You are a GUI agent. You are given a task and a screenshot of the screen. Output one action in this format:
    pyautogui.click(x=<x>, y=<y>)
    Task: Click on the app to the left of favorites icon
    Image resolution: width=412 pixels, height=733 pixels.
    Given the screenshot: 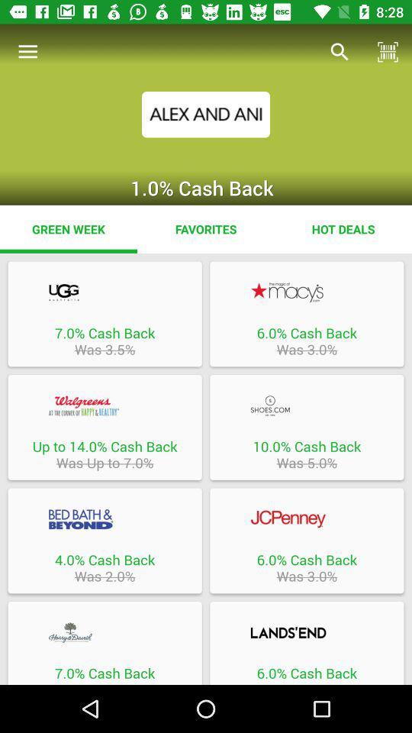 What is the action you would take?
    pyautogui.click(x=68, y=228)
    